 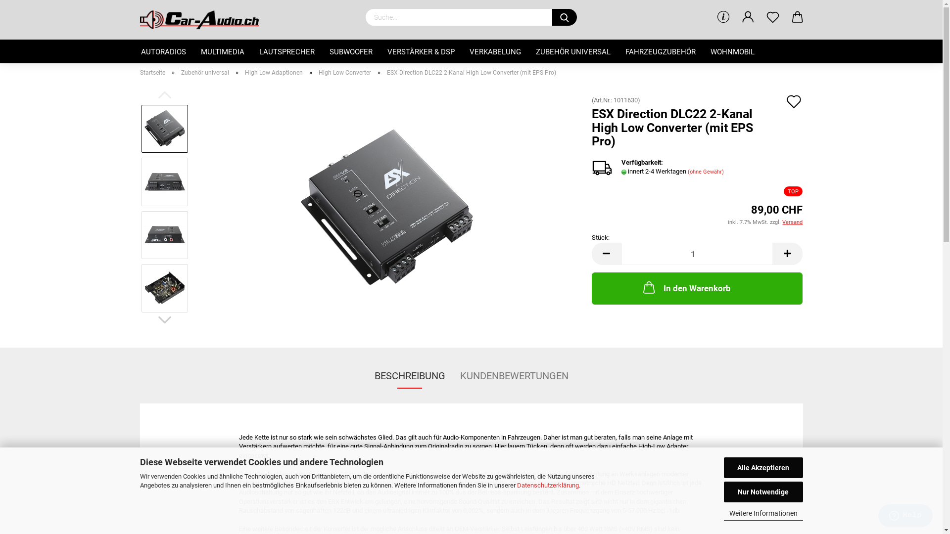 What do you see at coordinates (273, 72) in the screenshot?
I see `'High Low Adaptionen'` at bounding box center [273, 72].